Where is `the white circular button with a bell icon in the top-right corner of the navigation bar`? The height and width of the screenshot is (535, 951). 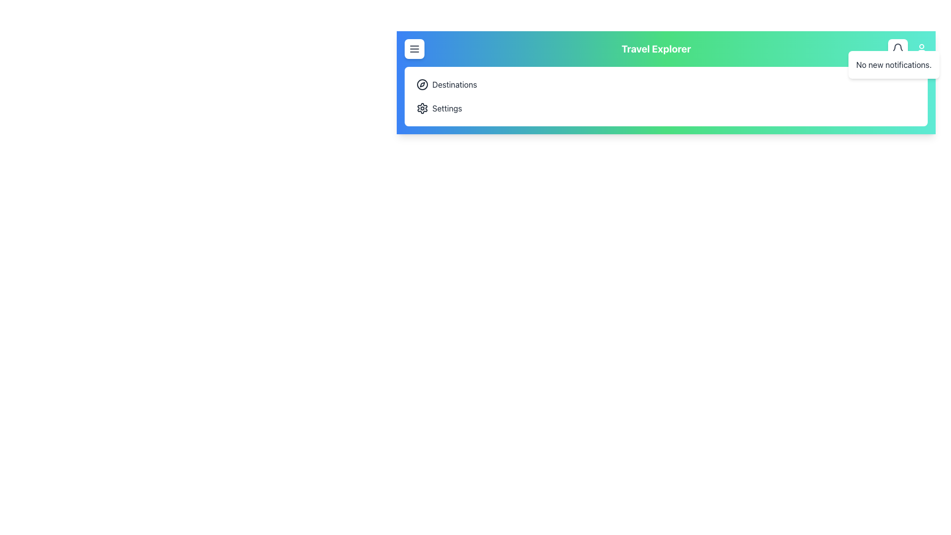
the white circular button with a bell icon in the top-right corner of the navigation bar is located at coordinates (898, 49).